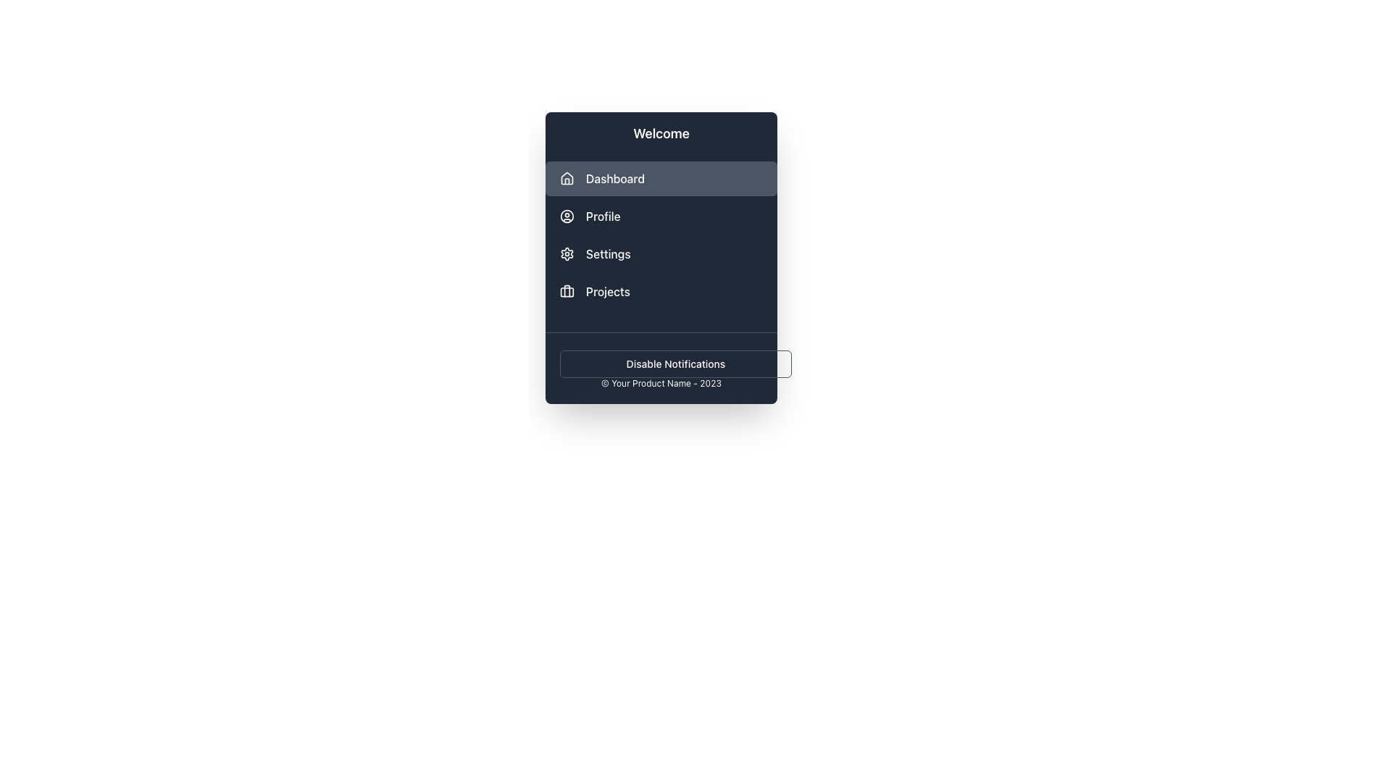 The height and width of the screenshot is (782, 1391). I want to click on the 'Home' icon, which is a graphical representation of a house structure located at the top of the menu section under the 'Dashboard' label, so click(566, 177).